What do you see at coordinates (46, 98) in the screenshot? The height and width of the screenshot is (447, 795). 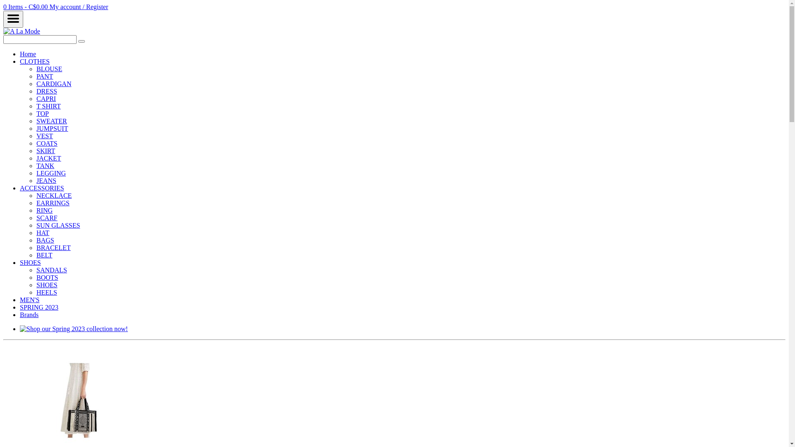 I see `'CAPRI'` at bounding box center [46, 98].